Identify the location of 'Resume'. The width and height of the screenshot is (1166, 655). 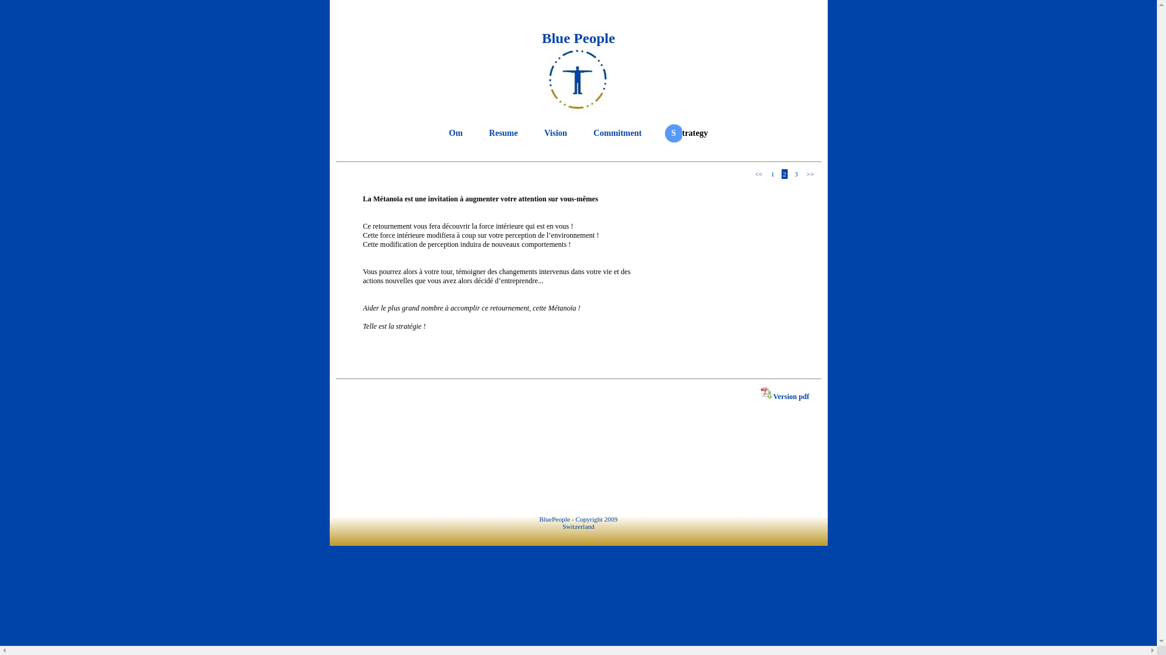
(503, 133).